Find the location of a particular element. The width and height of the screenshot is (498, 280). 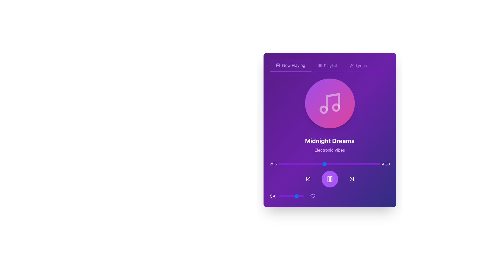

the 'Lyrics' icon located in the top-right corner of the music player interface, positioned to the left of the text label 'Lyrics' is located at coordinates (351, 65).